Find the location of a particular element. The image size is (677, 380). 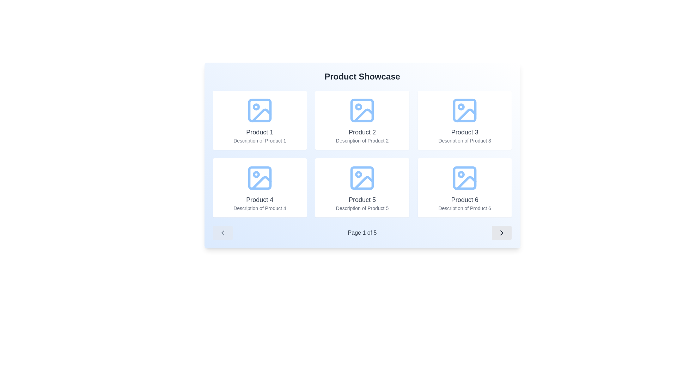

description label located at the bottom of the card for 'Product 4', which provides additional context about the product is located at coordinates (259, 208).